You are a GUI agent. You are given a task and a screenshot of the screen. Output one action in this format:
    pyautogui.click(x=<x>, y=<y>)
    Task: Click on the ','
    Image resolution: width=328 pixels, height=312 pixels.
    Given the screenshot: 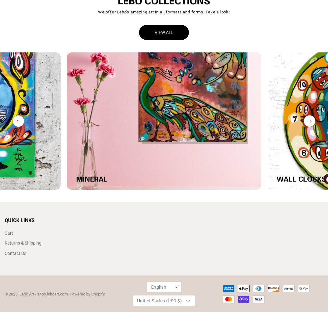 What is the action you would take?
    pyautogui.click(x=68, y=293)
    